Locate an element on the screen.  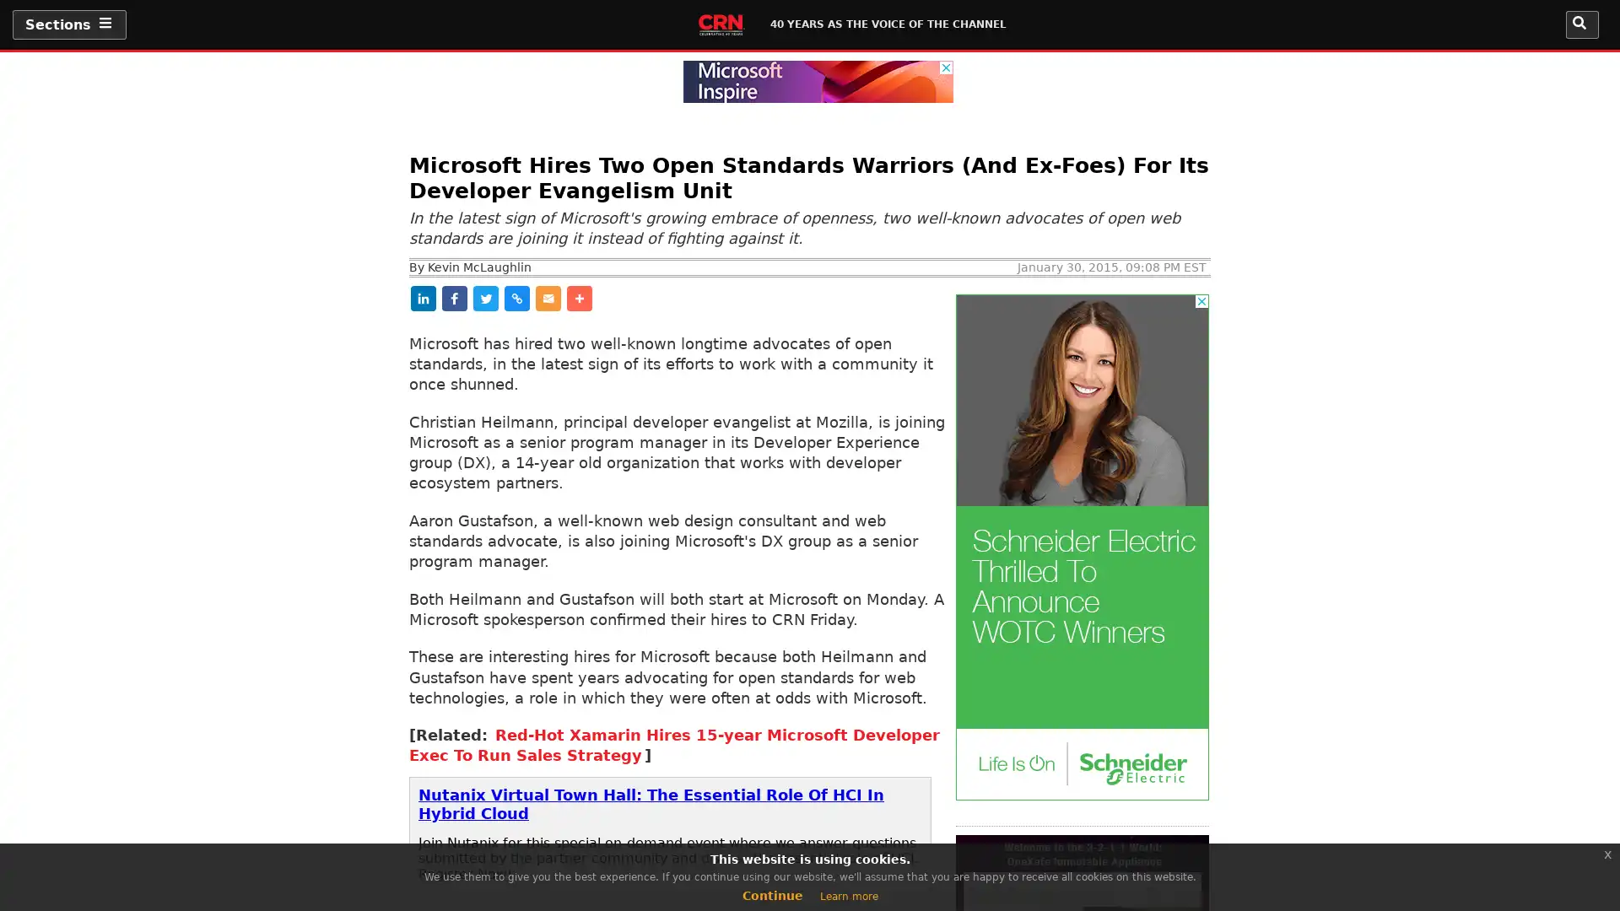
Share to Outlook Outlook is located at coordinates (791, 297).